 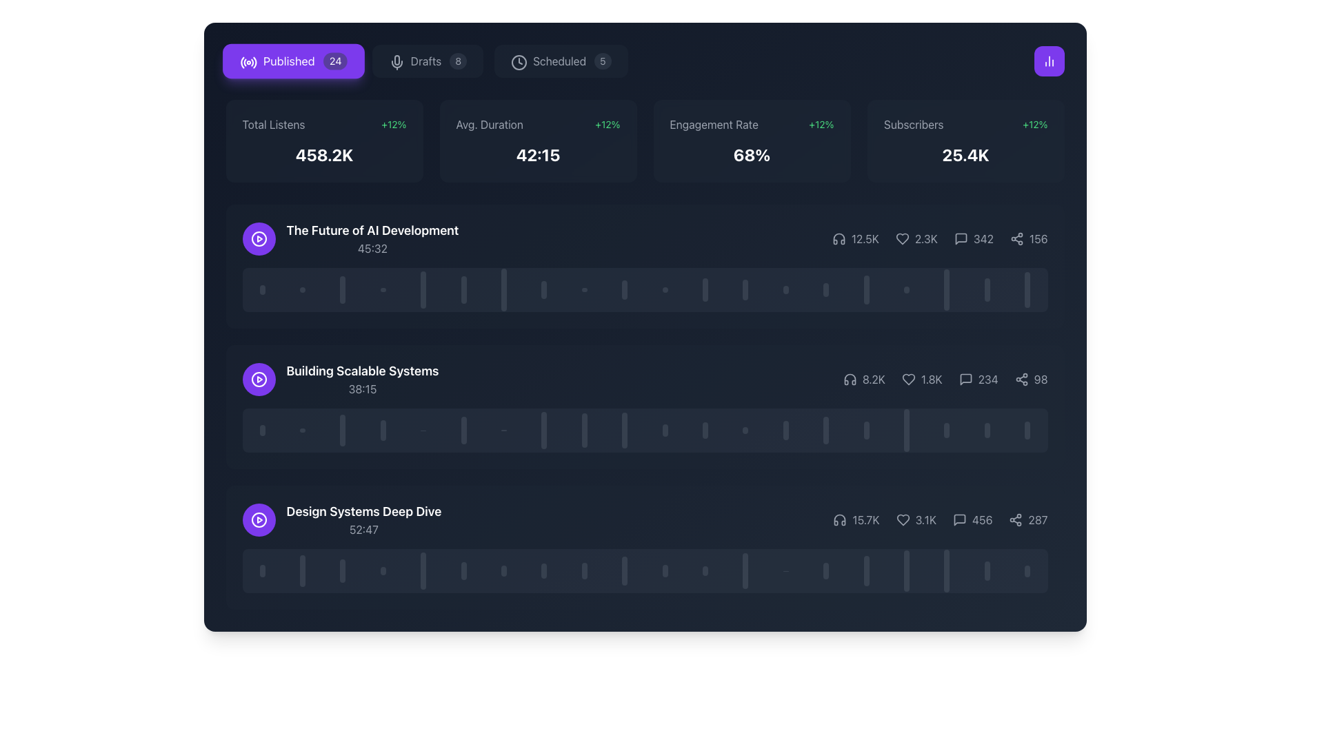 I want to click on the small headphone icon with an outline design located in the metrics section, positioned to the left of the numerical figure in the lower mid-section of the interface, so click(x=849, y=380).